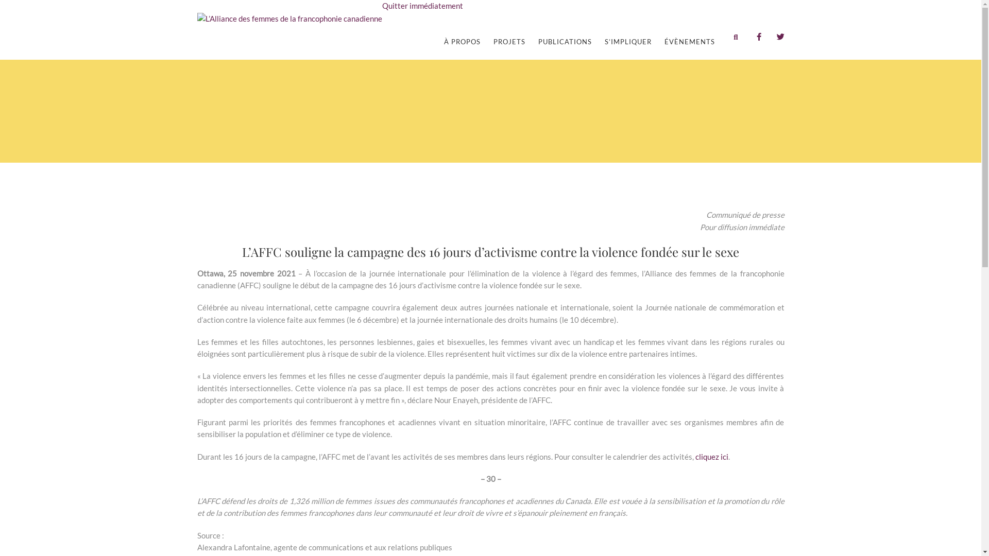  What do you see at coordinates (564, 41) in the screenshot?
I see `'PUBLICATIONS'` at bounding box center [564, 41].